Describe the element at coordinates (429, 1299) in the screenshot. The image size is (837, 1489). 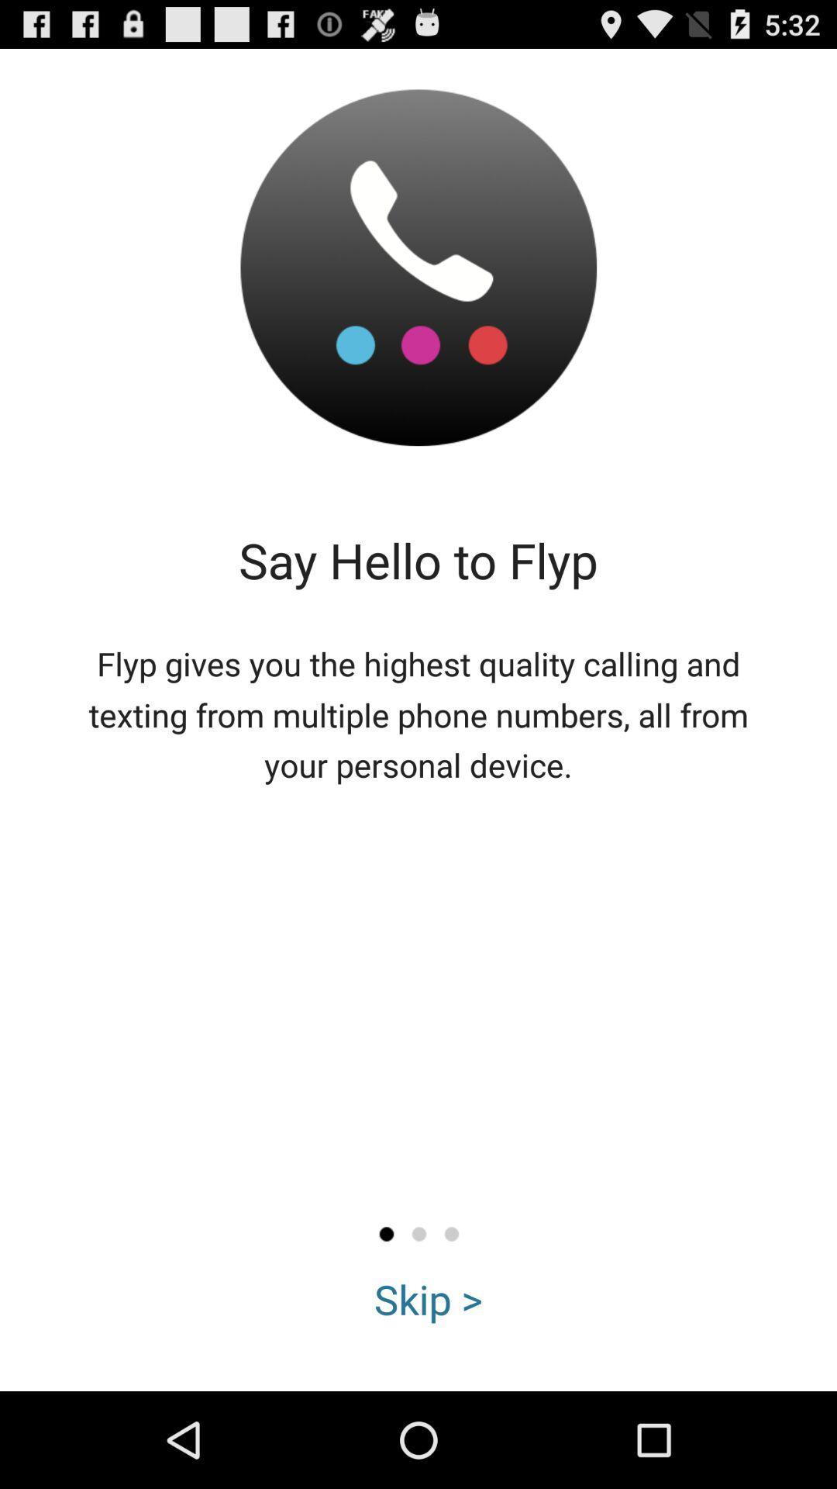
I see `skip > icon` at that location.